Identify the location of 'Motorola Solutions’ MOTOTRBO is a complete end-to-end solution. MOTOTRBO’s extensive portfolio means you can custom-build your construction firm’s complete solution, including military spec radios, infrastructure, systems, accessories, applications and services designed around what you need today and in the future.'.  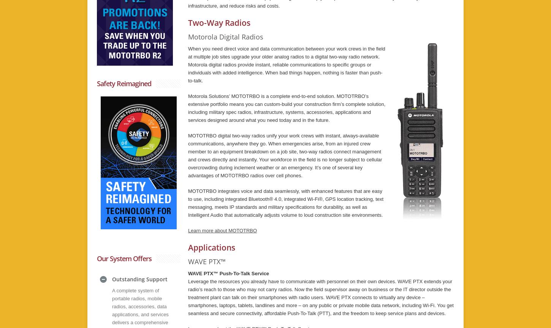
(188, 108).